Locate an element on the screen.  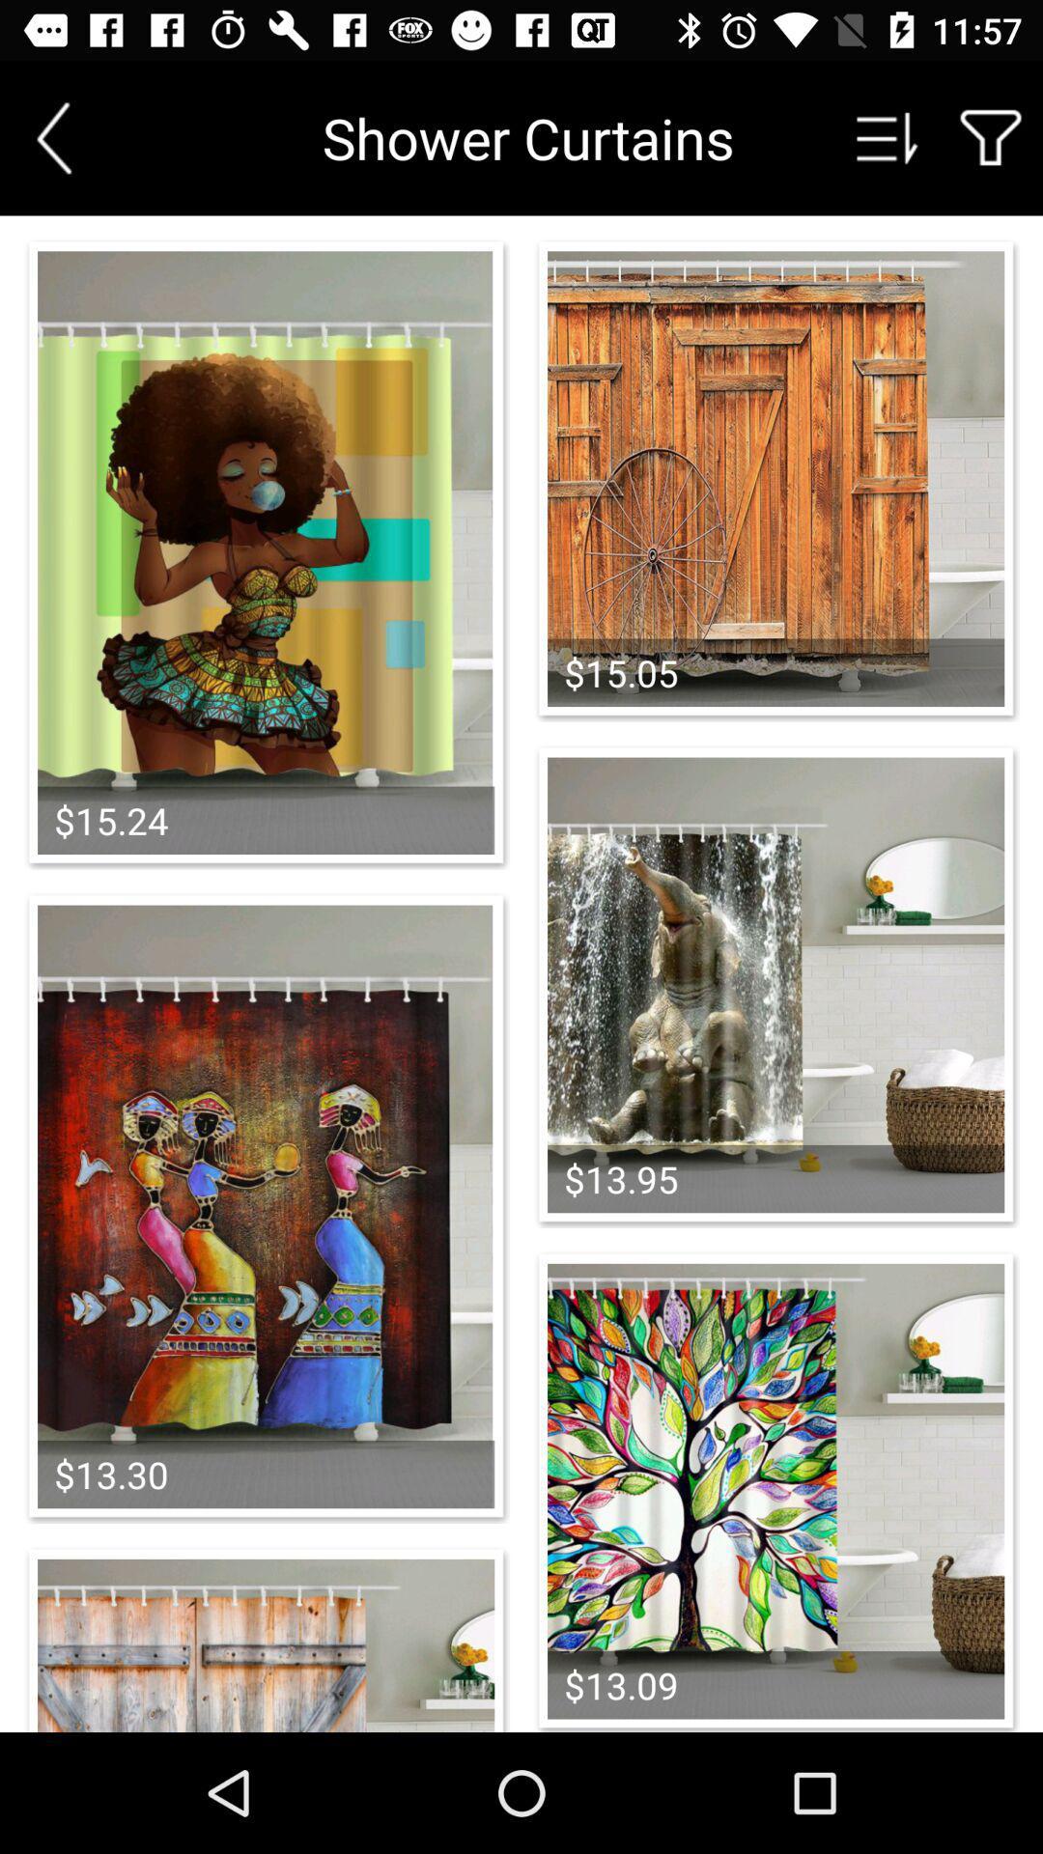
back button is located at coordinates (53, 137).